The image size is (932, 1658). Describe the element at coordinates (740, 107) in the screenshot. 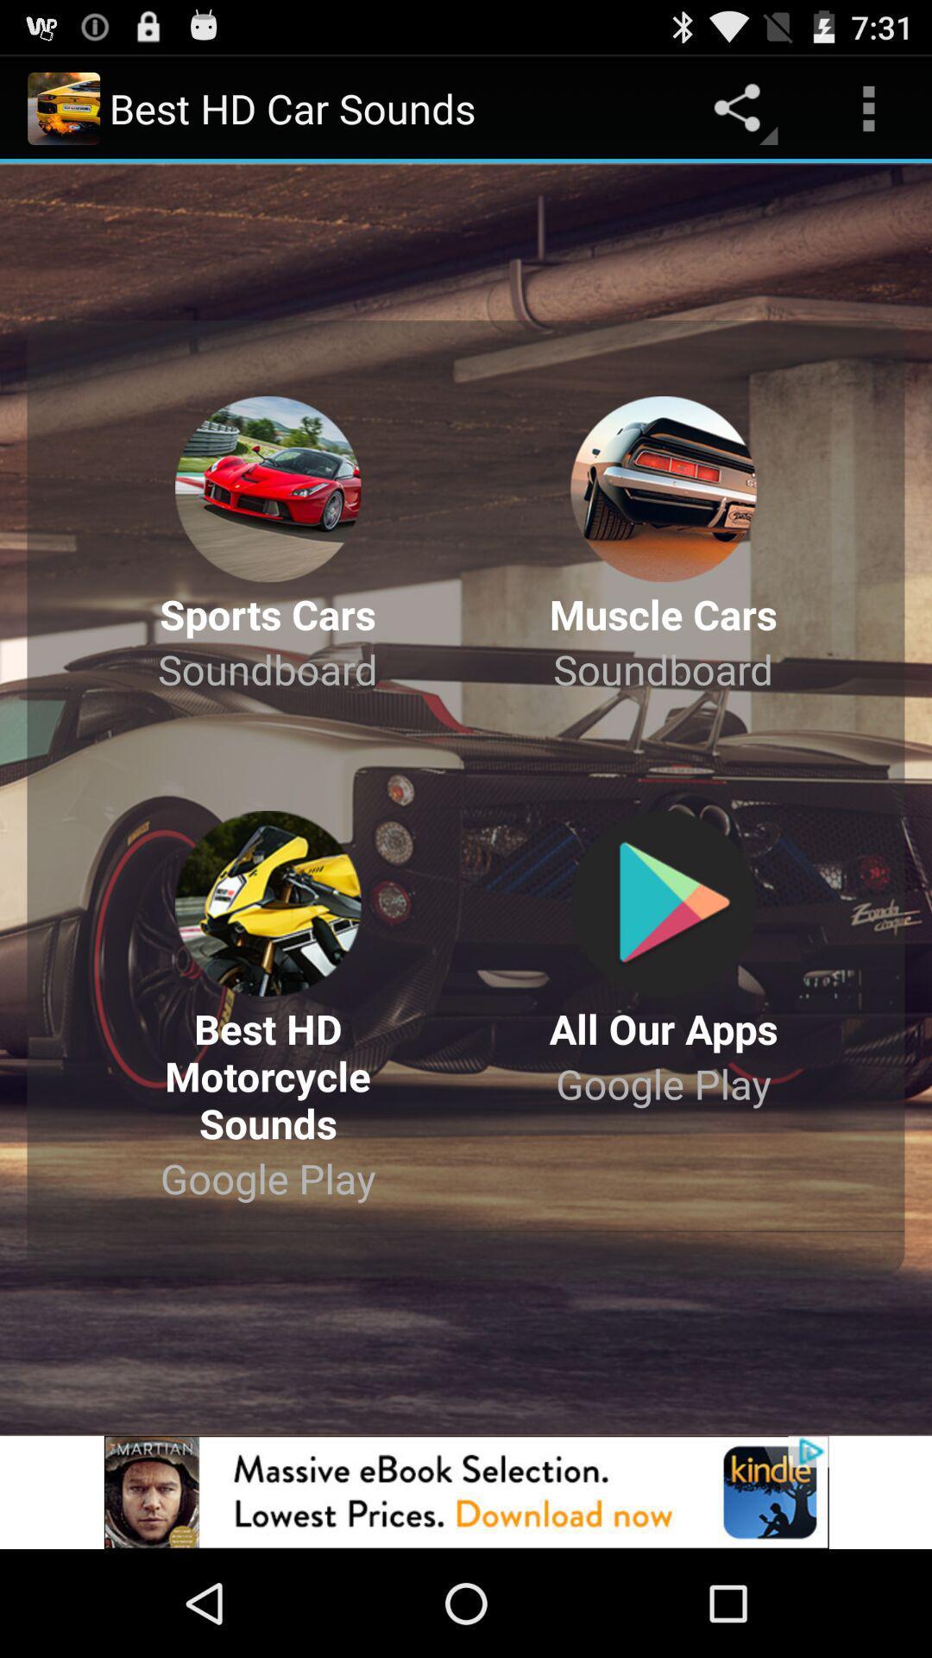

I see `the share button on the web page` at that location.